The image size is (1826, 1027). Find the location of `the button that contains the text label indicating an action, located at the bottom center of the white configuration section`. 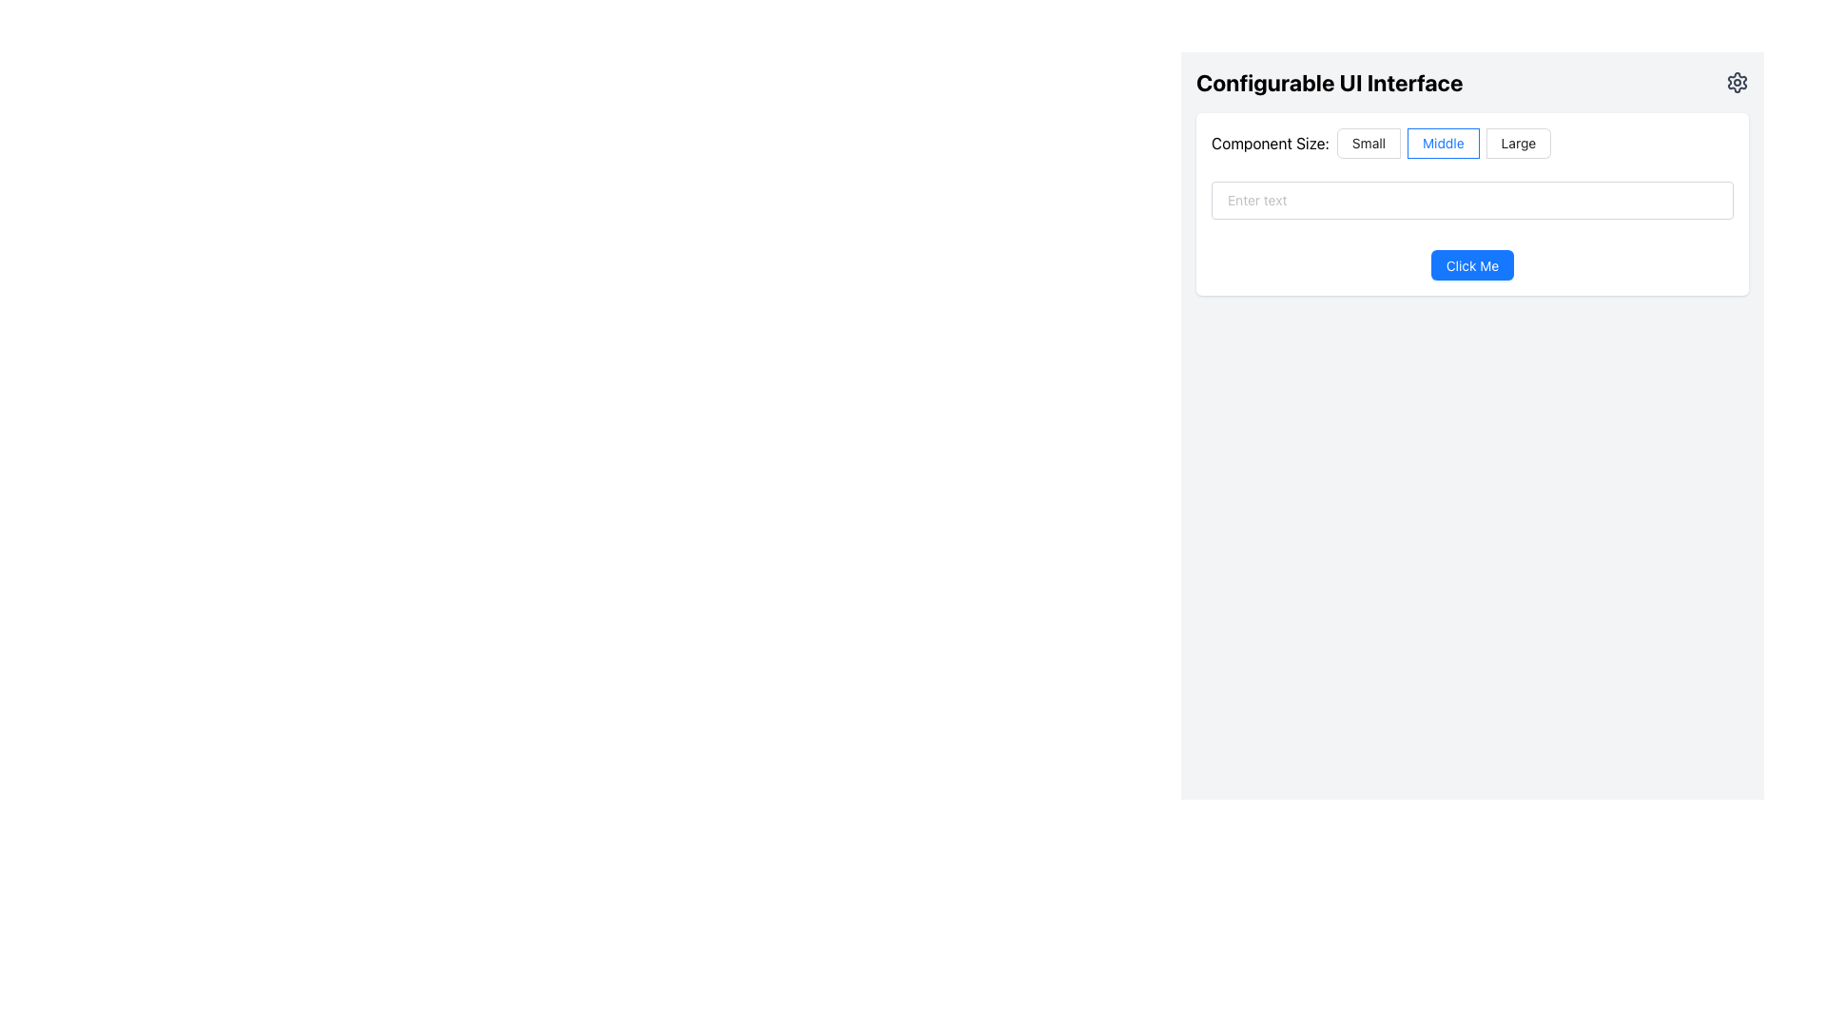

the button that contains the text label indicating an action, located at the bottom center of the white configuration section is located at coordinates (1471, 264).